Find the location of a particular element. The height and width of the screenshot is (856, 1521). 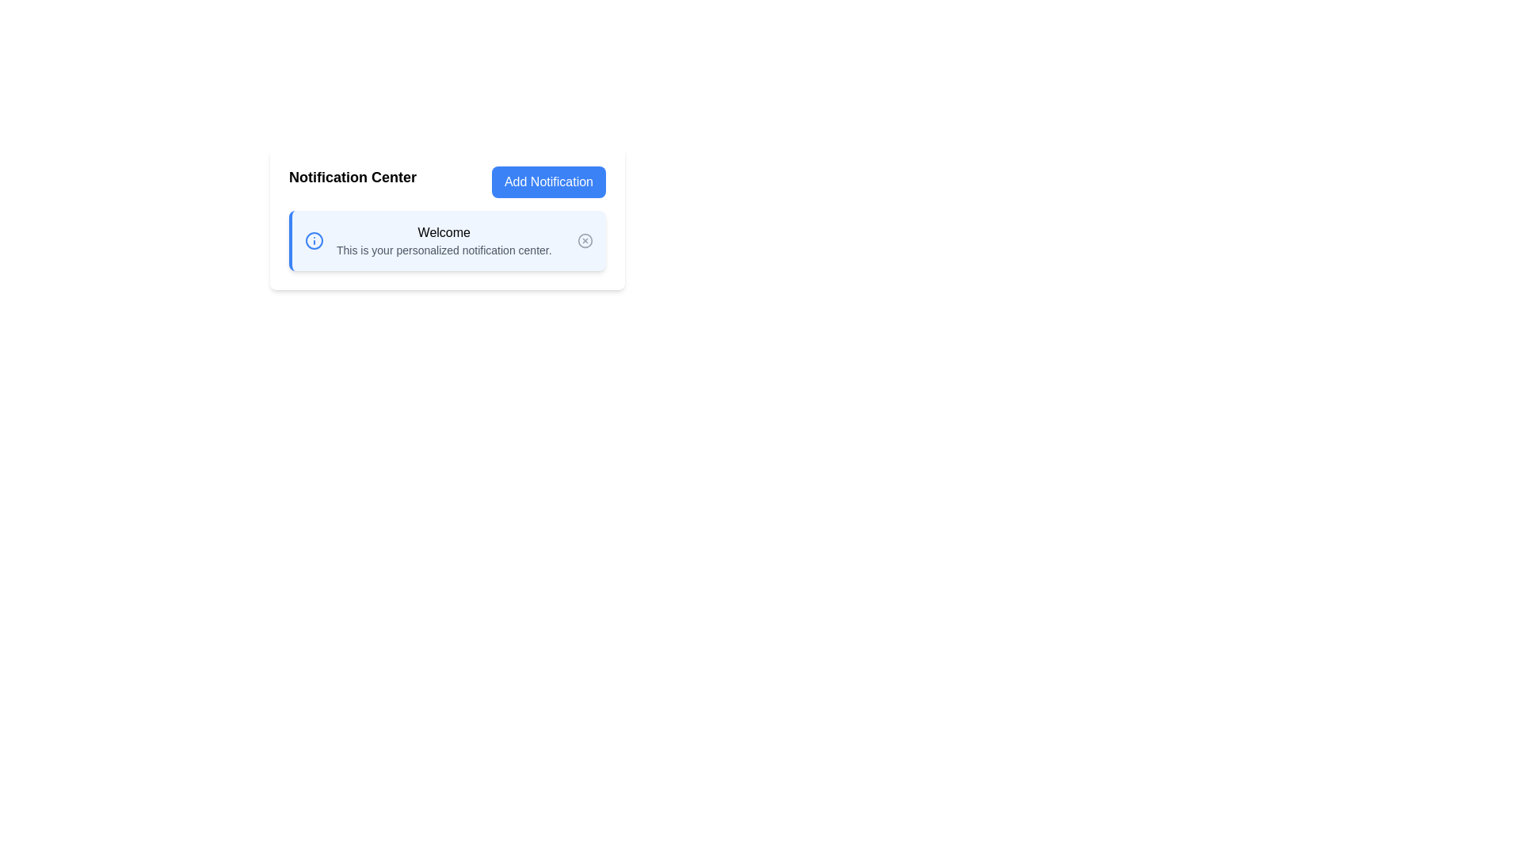

the outer circular border of the informational icon located at the leftmost part of the notification card underneath the header 'Notification Center' and next to the 'Welcome' headline is located at coordinates (314, 241).